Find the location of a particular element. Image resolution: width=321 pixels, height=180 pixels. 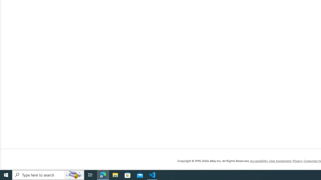

'User Agreement' is located at coordinates (280, 161).